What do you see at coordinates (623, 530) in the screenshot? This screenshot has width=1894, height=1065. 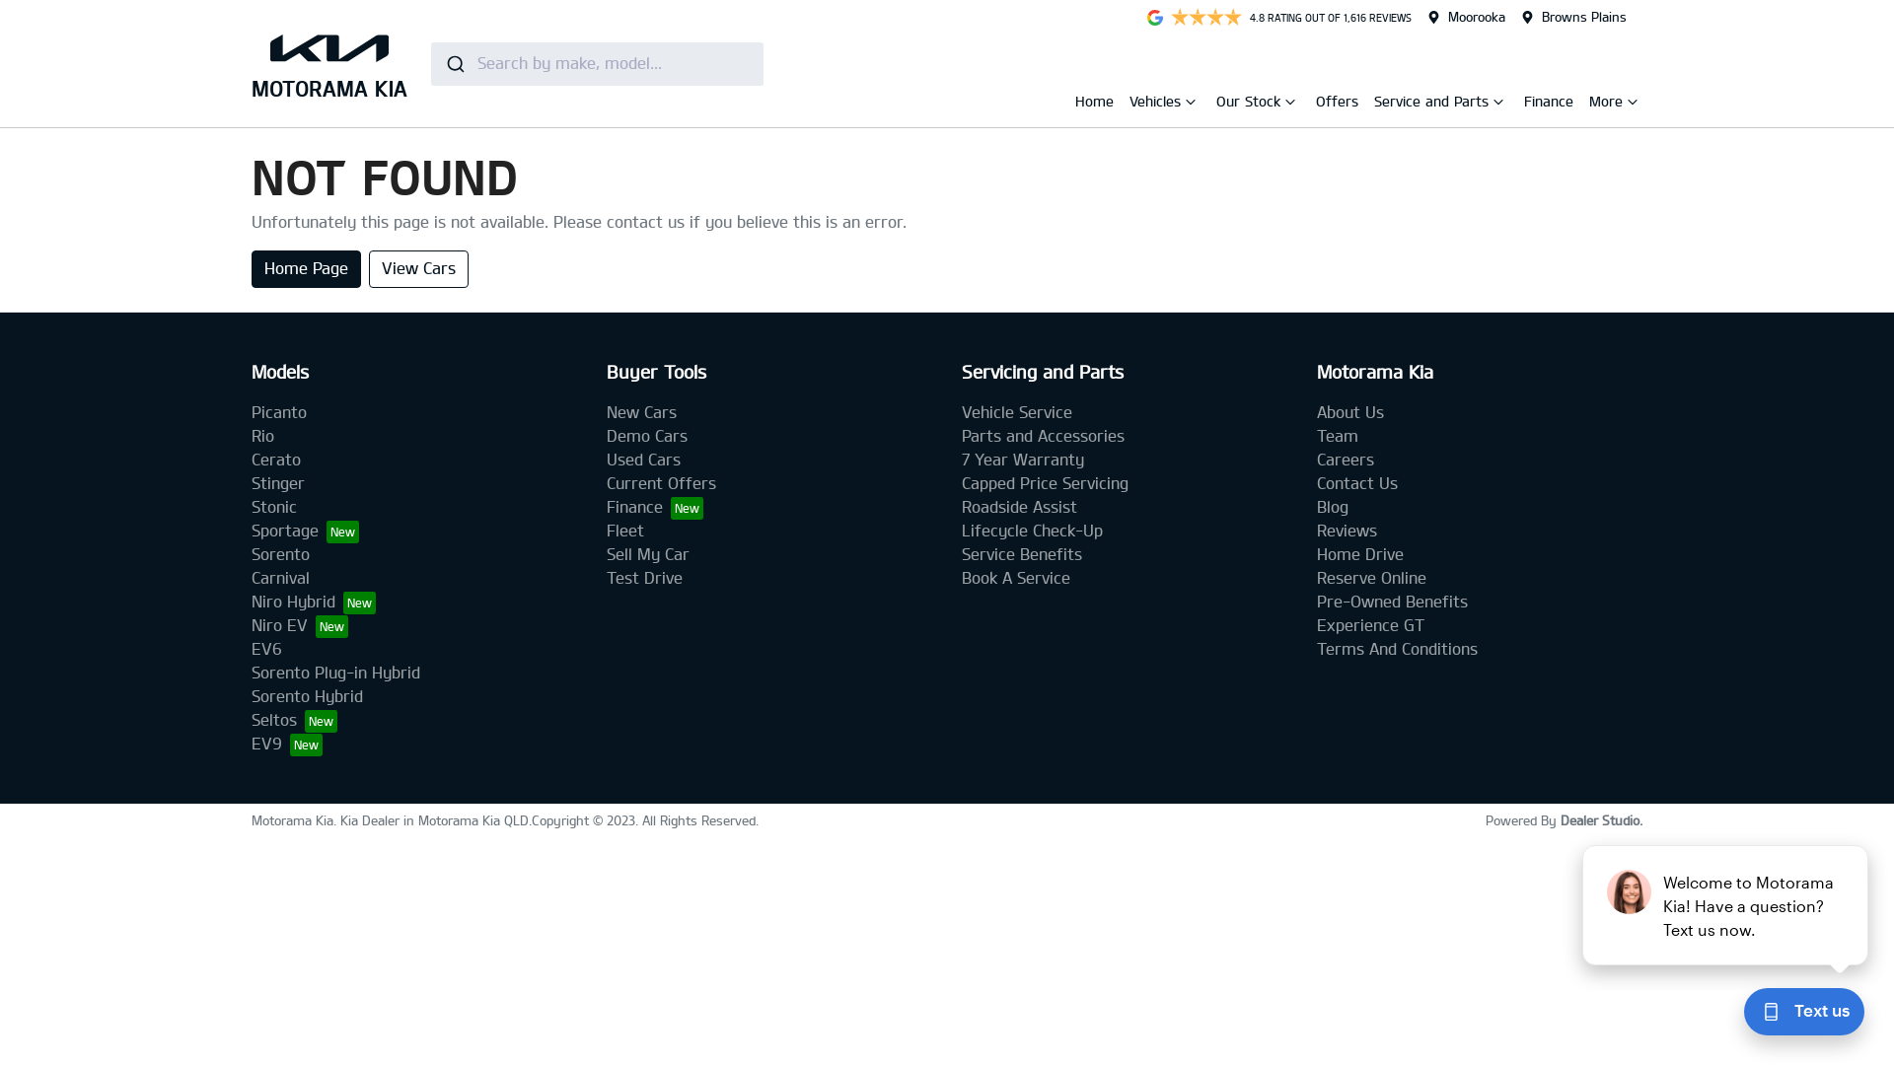 I see `'Fleet'` at bounding box center [623, 530].